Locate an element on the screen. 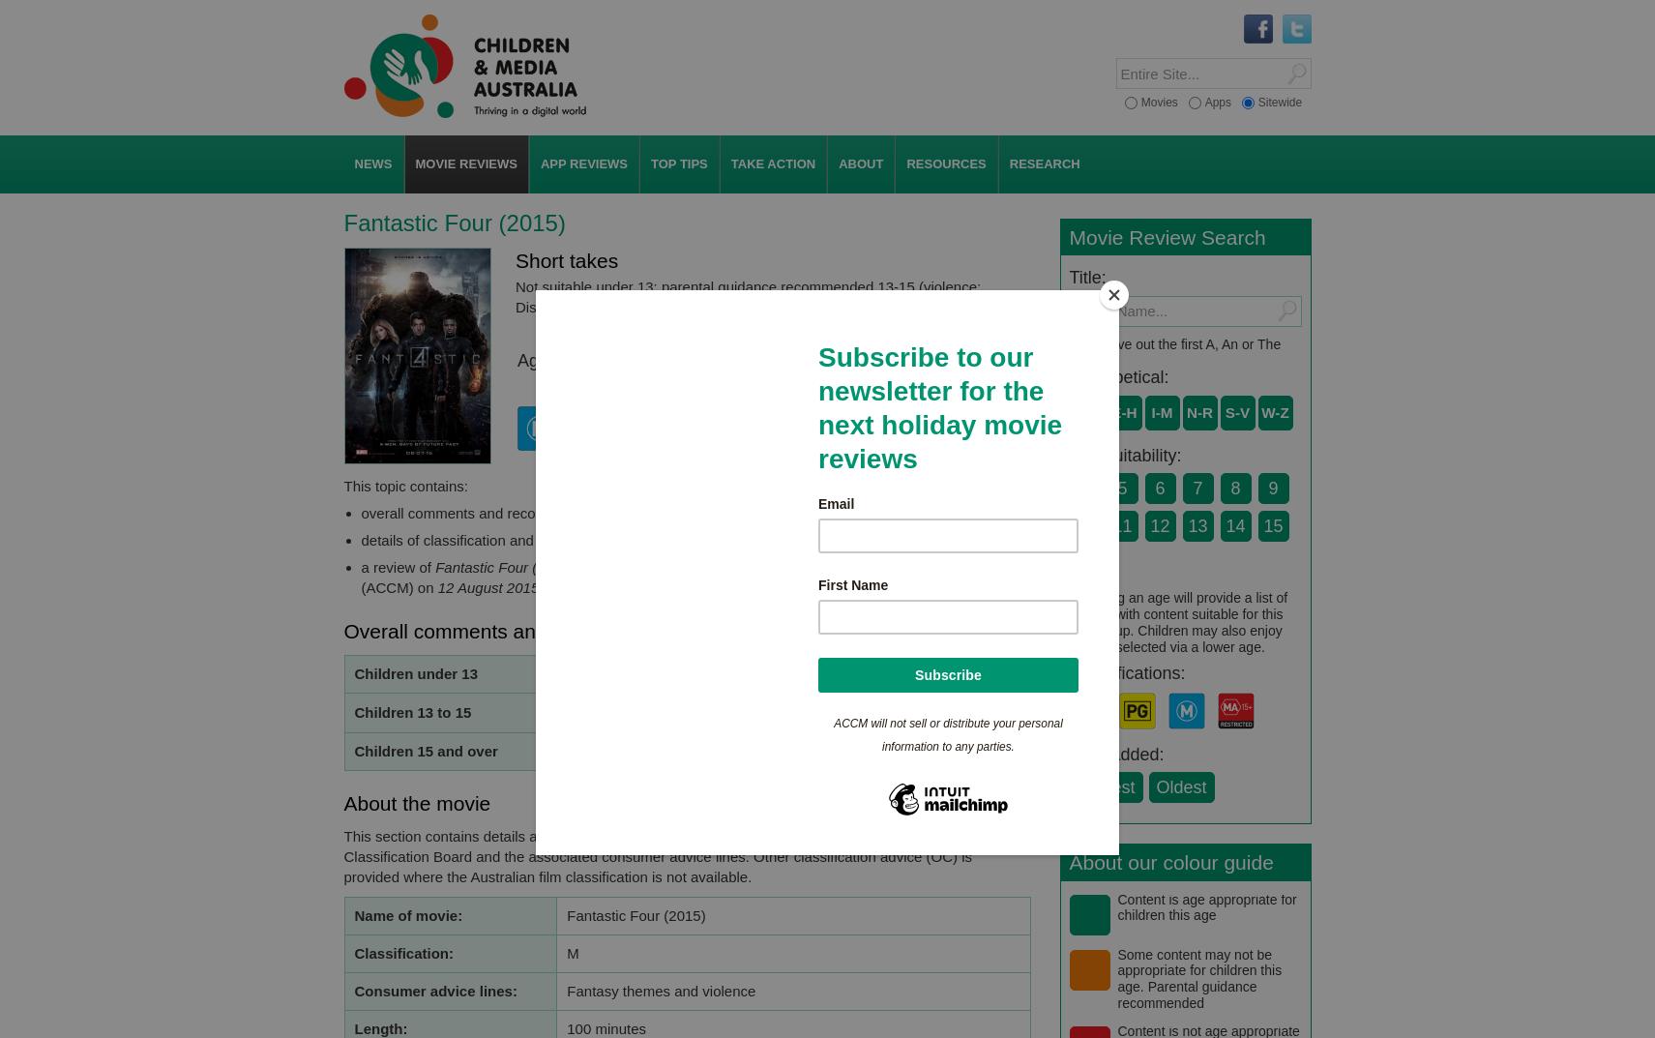 This screenshot has height=1038, width=1655. 'M' is located at coordinates (572, 952).